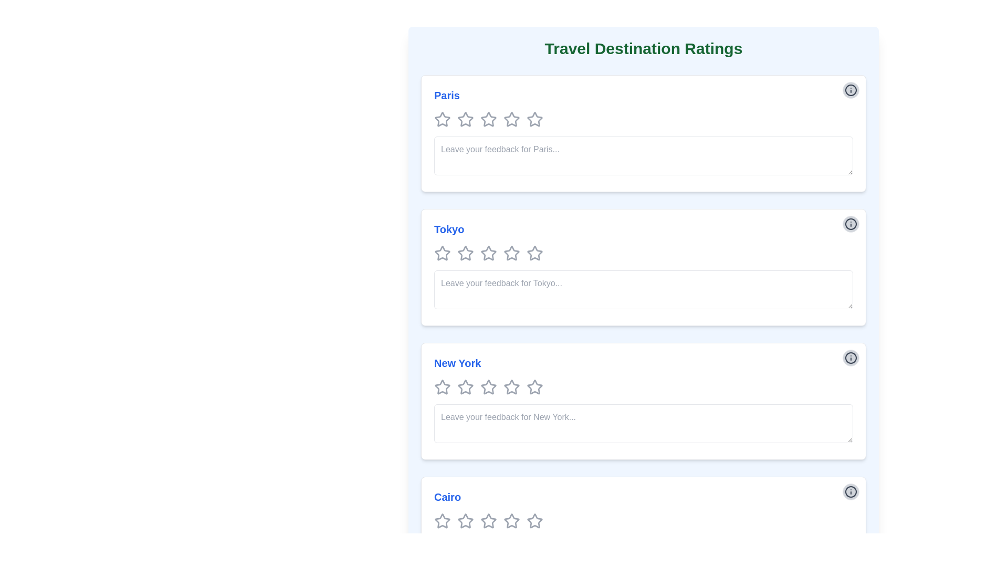 This screenshot has height=567, width=1008. Describe the element at coordinates (851, 90) in the screenshot. I see `the information icon button located in the top-right corner of the Paris section` at that location.